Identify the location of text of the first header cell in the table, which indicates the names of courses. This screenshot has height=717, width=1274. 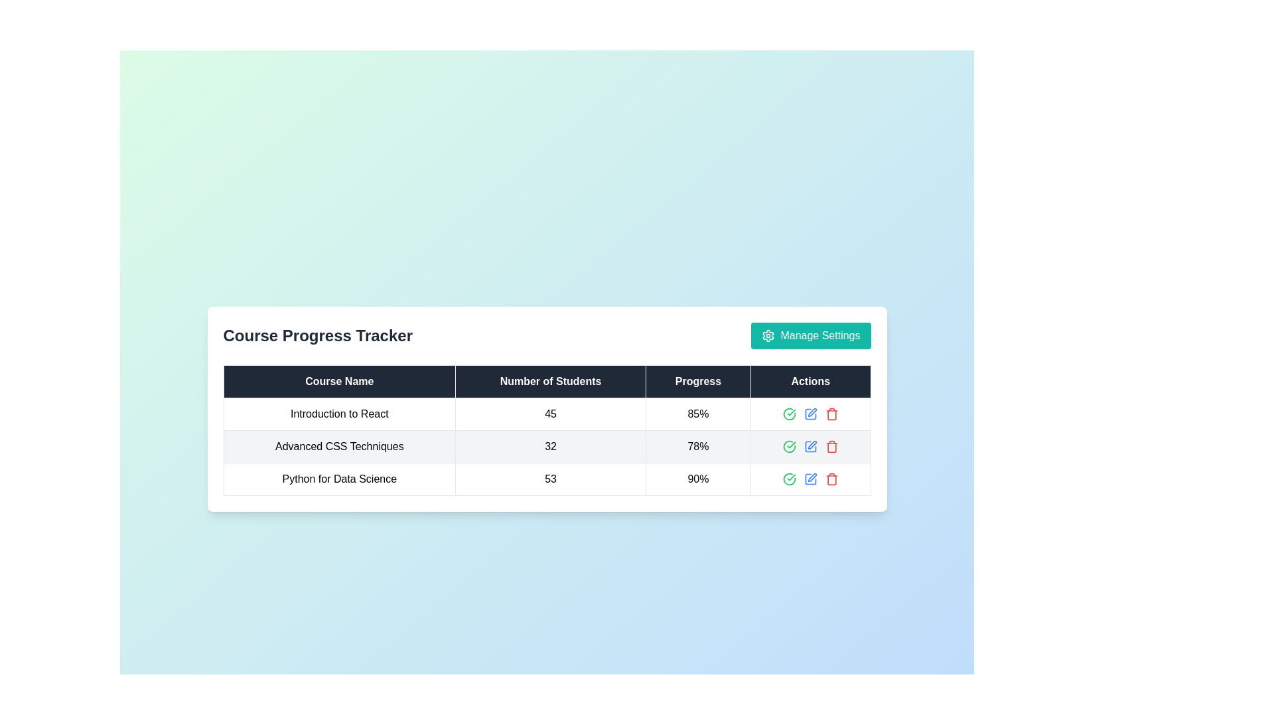
(339, 381).